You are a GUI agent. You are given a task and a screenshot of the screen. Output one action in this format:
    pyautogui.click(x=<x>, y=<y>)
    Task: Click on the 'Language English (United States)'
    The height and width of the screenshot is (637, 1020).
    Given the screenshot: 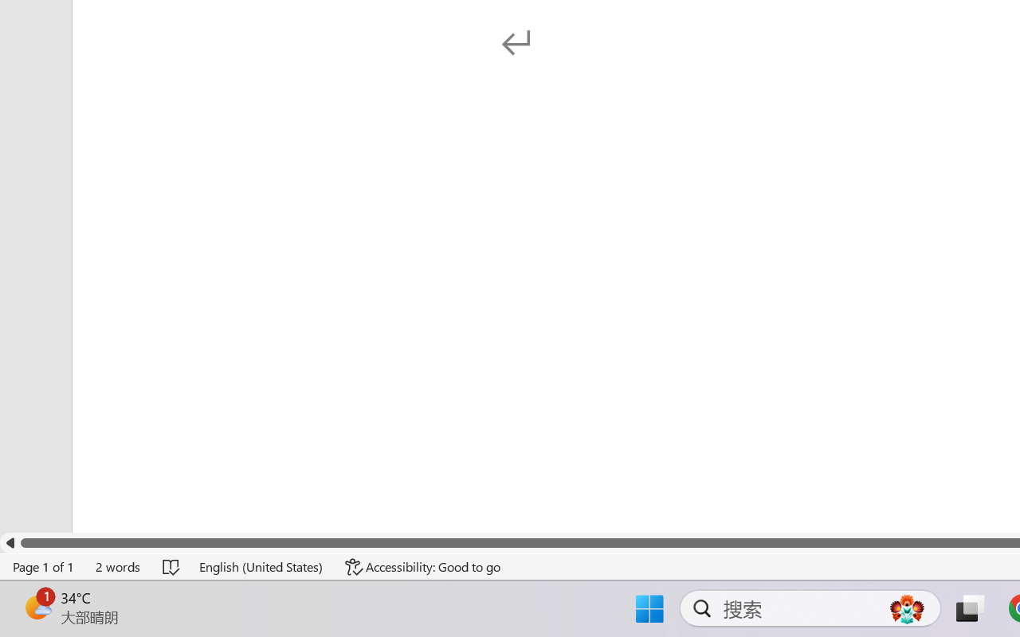 What is the action you would take?
    pyautogui.click(x=261, y=566)
    